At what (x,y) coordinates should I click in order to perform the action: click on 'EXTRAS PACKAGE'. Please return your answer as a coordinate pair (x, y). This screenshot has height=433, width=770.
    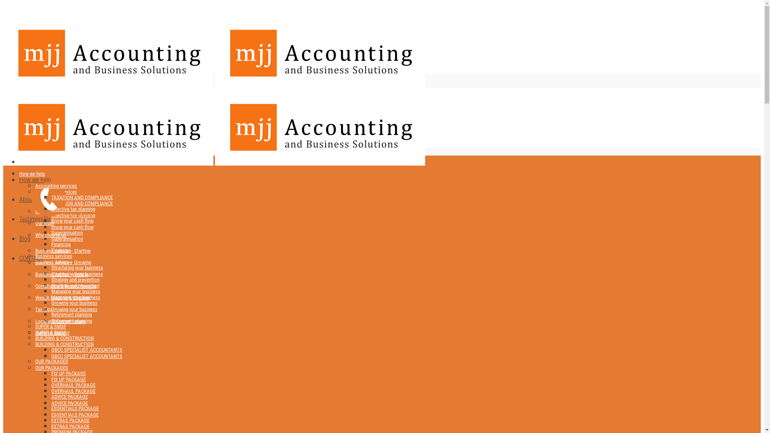
    Looking at the image, I should click on (70, 426).